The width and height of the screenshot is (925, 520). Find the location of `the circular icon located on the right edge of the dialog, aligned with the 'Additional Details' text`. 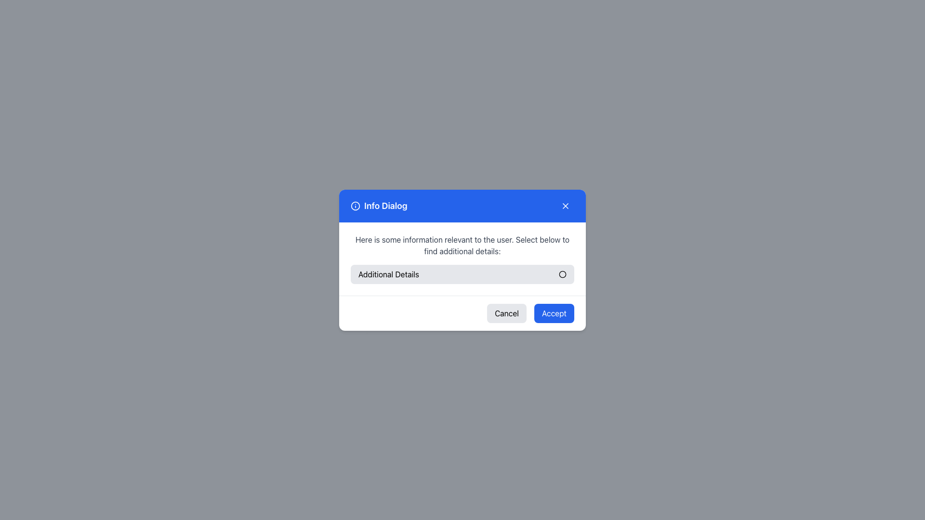

the circular icon located on the right edge of the dialog, aligned with the 'Additional Details' text is located at coordinates (562, 274).